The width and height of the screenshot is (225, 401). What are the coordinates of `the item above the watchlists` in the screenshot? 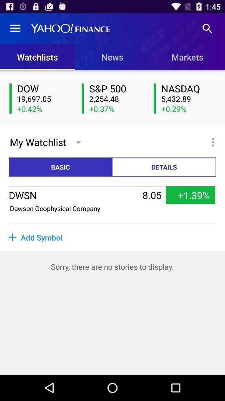 It's located at (15, 28).